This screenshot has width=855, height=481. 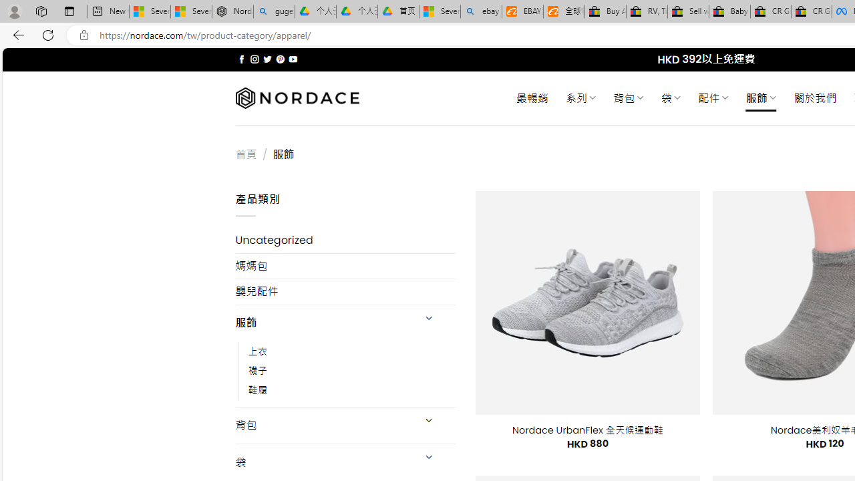 I want to click on 'RV, Trailer & Camper Steps & Ladders for sale | eBay', so click(x=647, y=11).